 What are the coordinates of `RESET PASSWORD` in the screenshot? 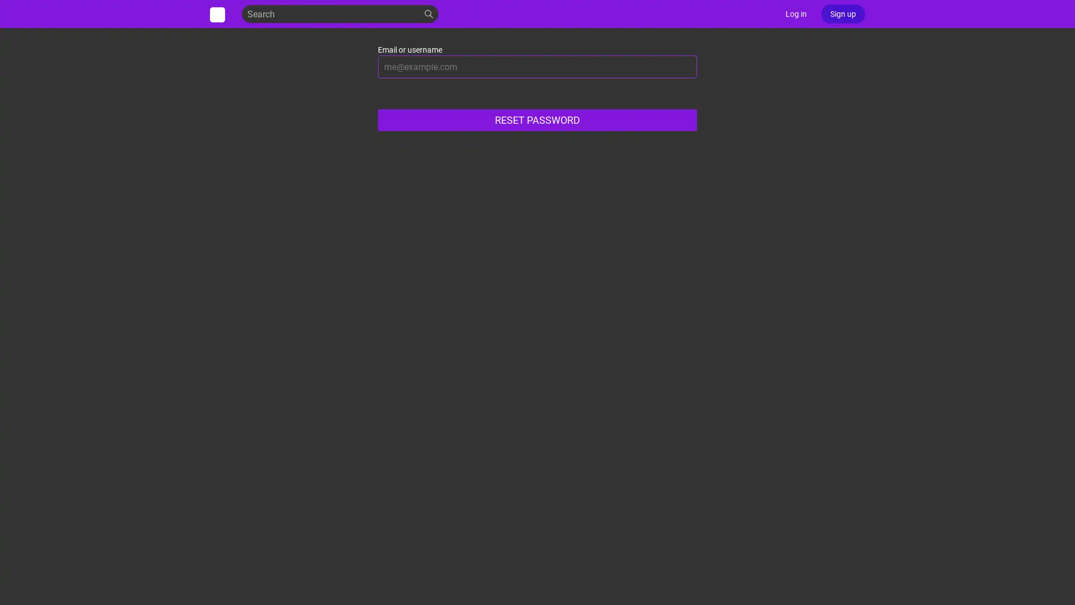 It's located at (537, 120).